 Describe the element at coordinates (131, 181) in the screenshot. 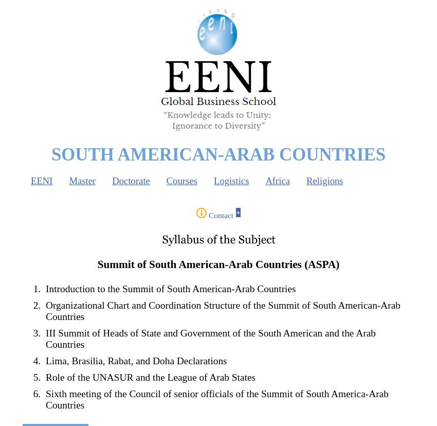

I see `'Doctorate'` at that location.